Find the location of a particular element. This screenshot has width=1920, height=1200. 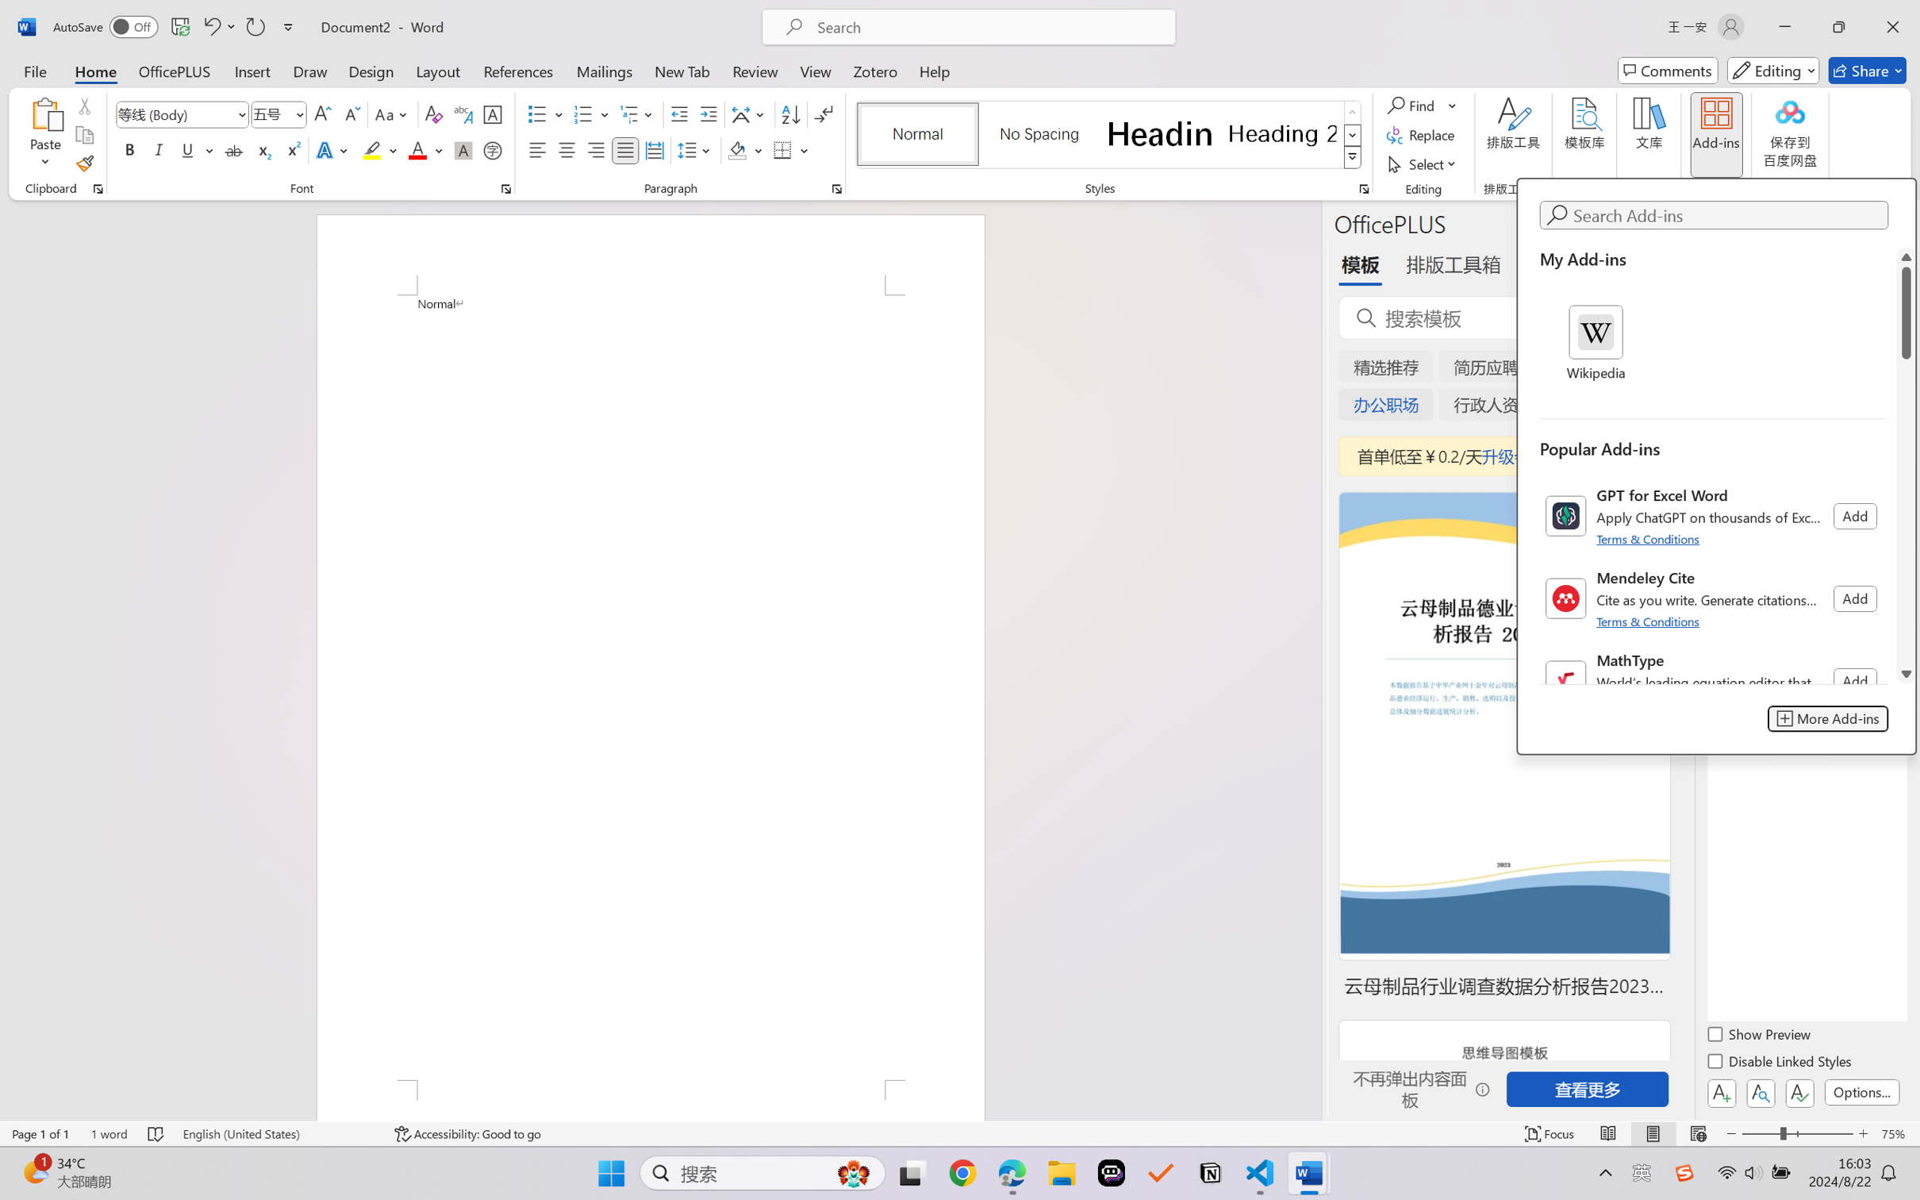

'Font Size' is located at coordinates (271, 114).